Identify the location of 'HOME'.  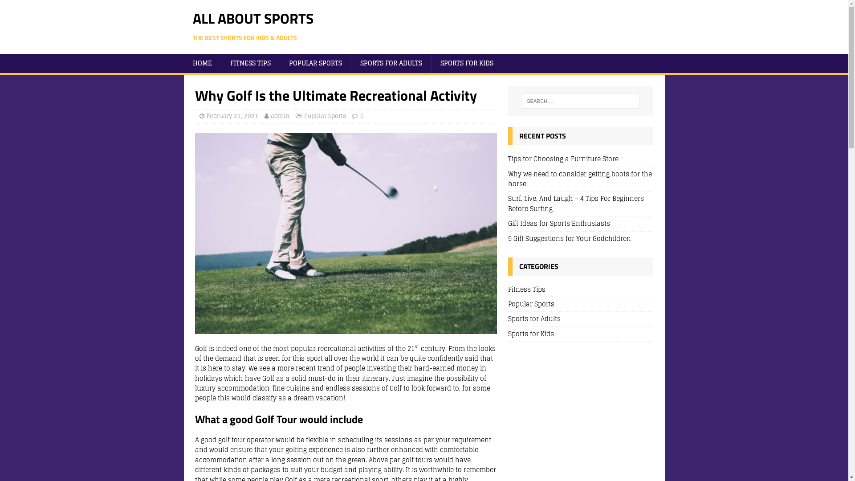
(201, 63).